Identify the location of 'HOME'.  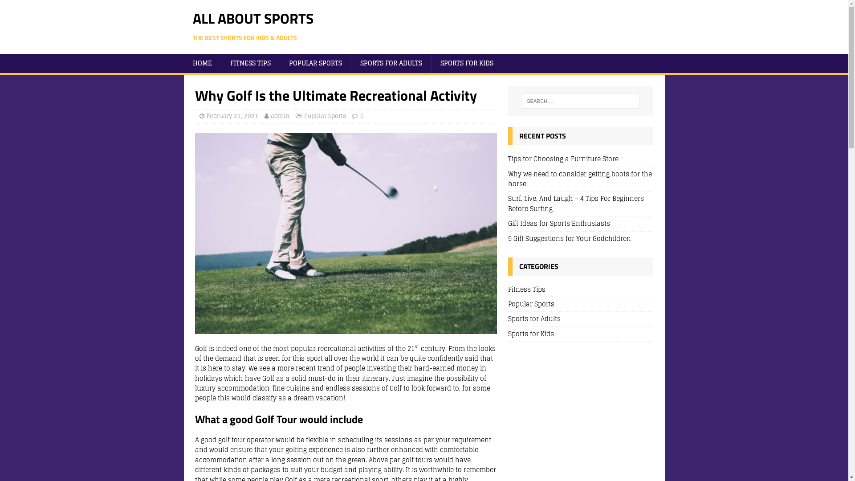
(201, 63).